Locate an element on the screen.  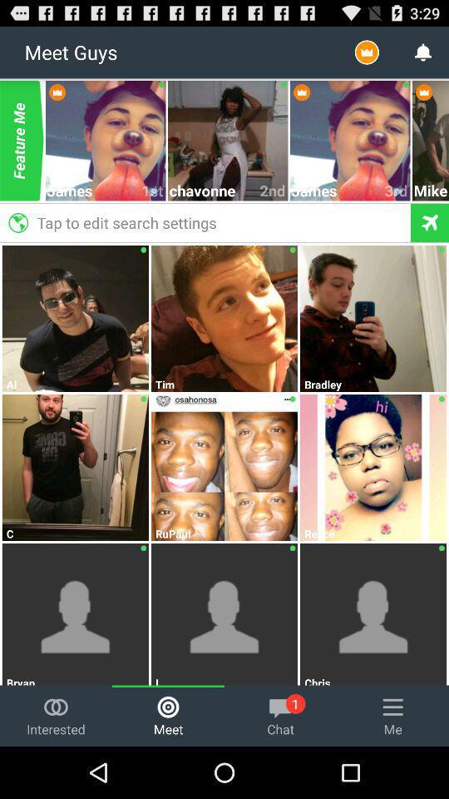
go back is located at coordinates (429, 221).